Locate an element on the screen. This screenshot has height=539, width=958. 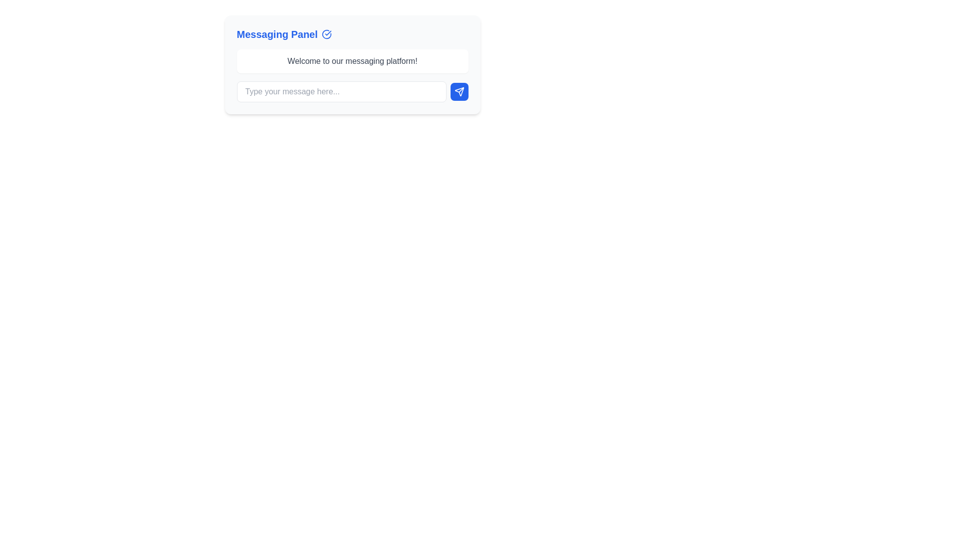
the blue button featuring a paper airplane icon located in the bottom-right corner of the messaging input field to send the entered text is located at coordinates (459, 92).